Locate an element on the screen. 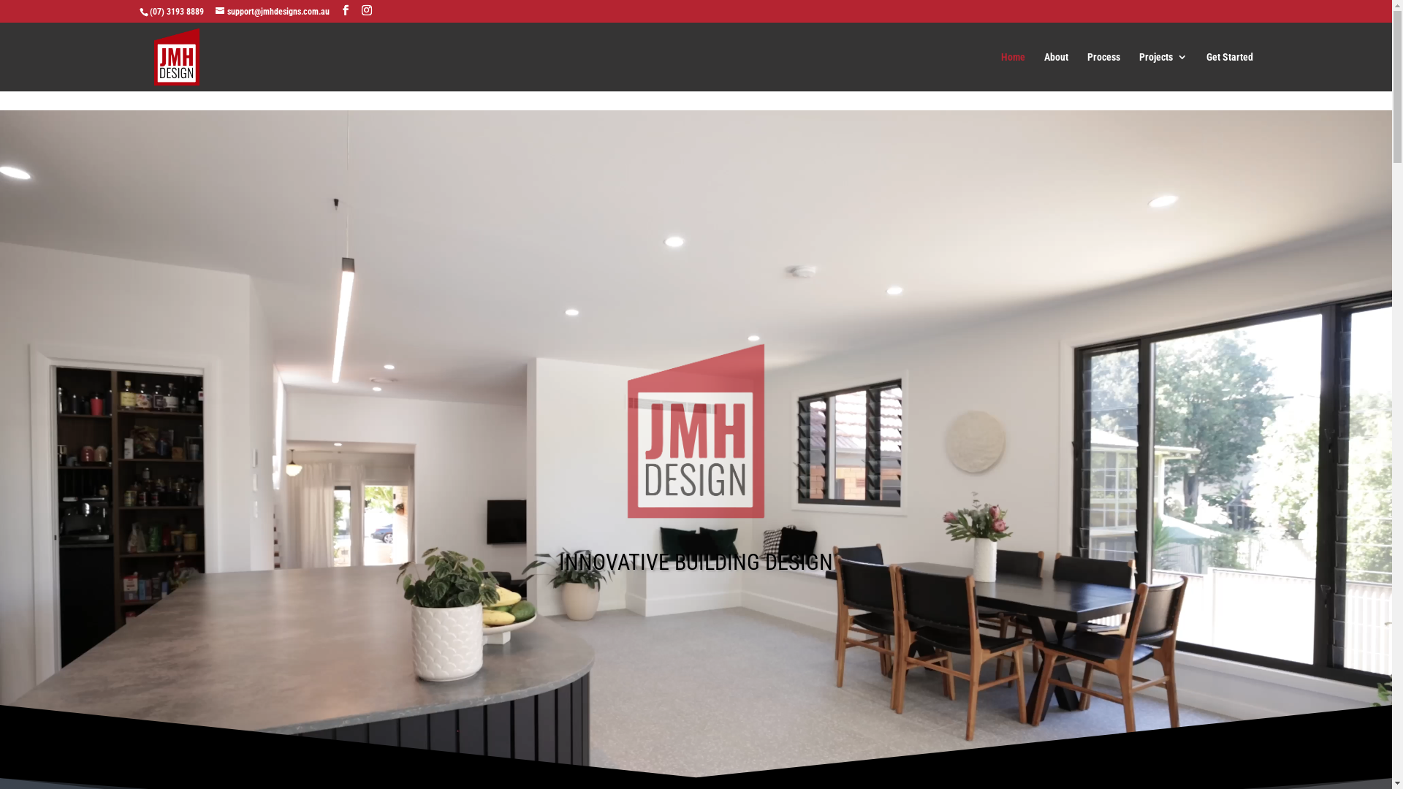  'About' is located at coordinates (1055, 71).